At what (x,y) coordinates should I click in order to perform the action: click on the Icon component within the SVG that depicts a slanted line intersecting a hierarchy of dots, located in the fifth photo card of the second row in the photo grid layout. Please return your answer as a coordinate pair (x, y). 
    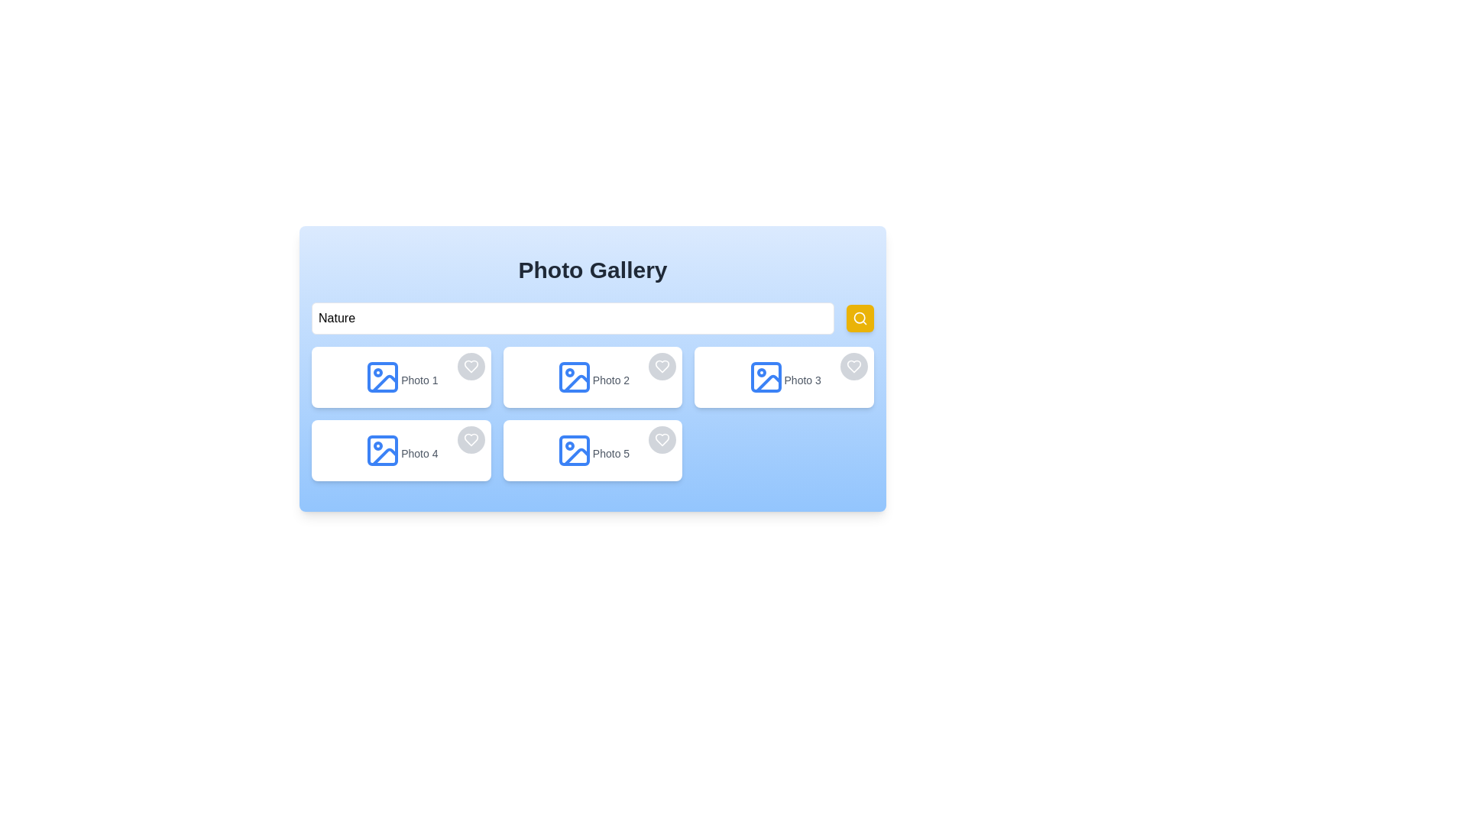
    Looking at the image, I should click on (575, 456).